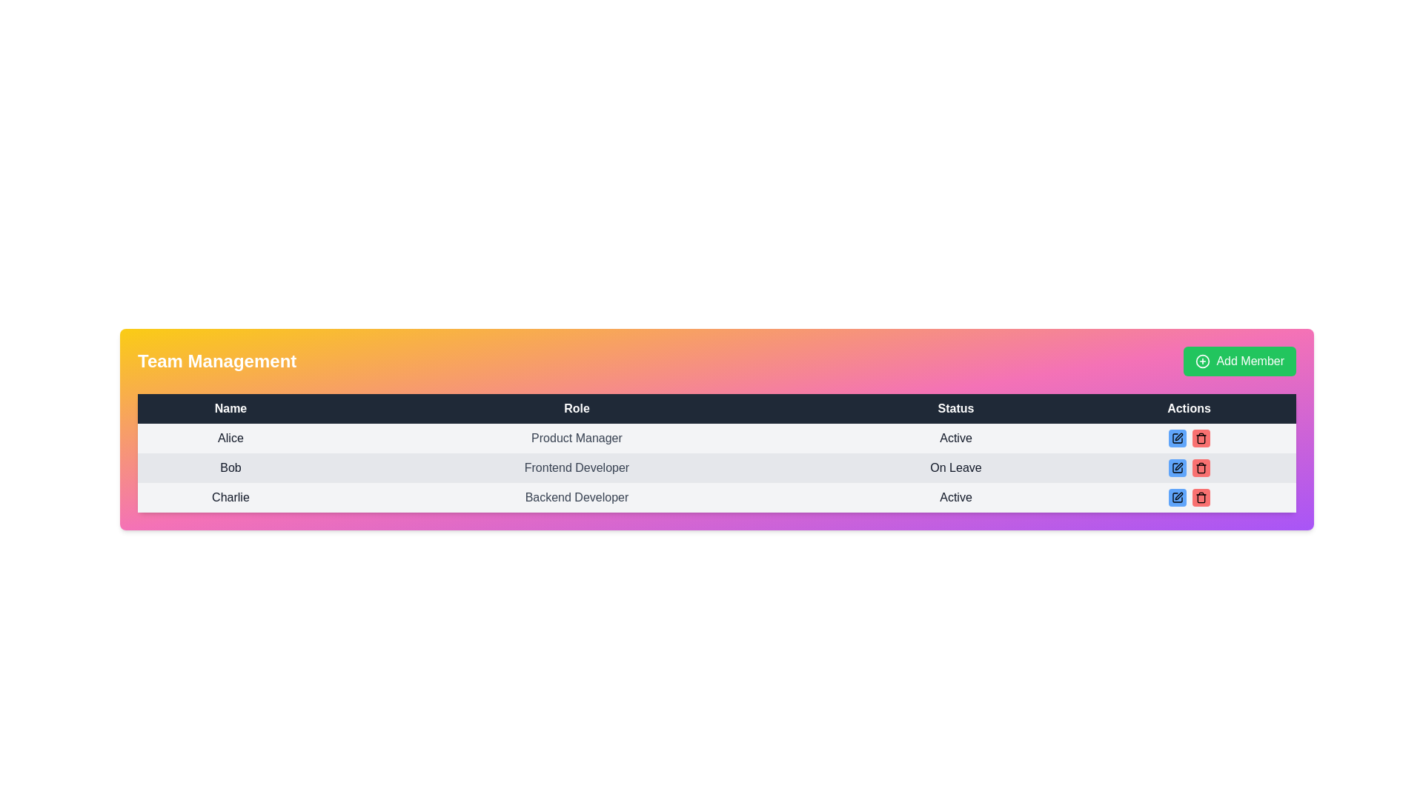 The image size is (1423, 800). I want to click on the edit button in the Action Button Group for the user 'Alice', who is a 'Product Manager' and has 'Active' status, to initiate editing the record, so click(1189, 437).